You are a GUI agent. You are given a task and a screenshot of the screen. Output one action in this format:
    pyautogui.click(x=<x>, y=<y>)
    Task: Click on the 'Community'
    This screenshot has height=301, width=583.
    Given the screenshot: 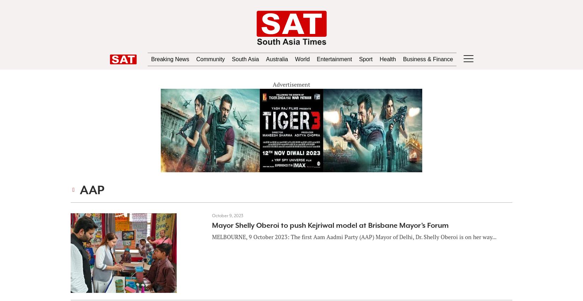 What is the action you would take?
    pyautogui.click(x=196, y=59)
    